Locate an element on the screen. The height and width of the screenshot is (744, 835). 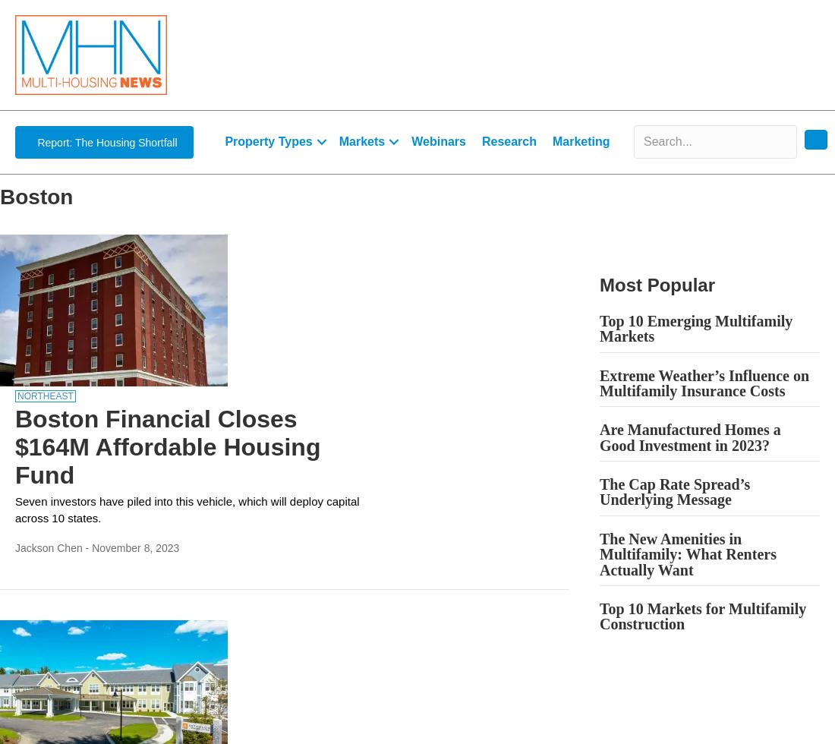
'Markets' is located at coordinates (361, 141).